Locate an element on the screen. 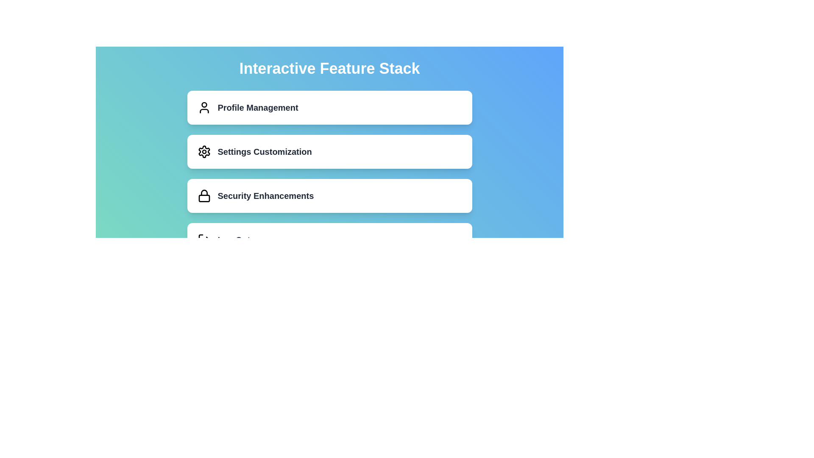 The height and width of the screenshot is (458, 814). the 'Settings Customization' label located in the second card from the top, between 'Profile Management' and 'Security Enhancements' is located at coordinates (264, 151).